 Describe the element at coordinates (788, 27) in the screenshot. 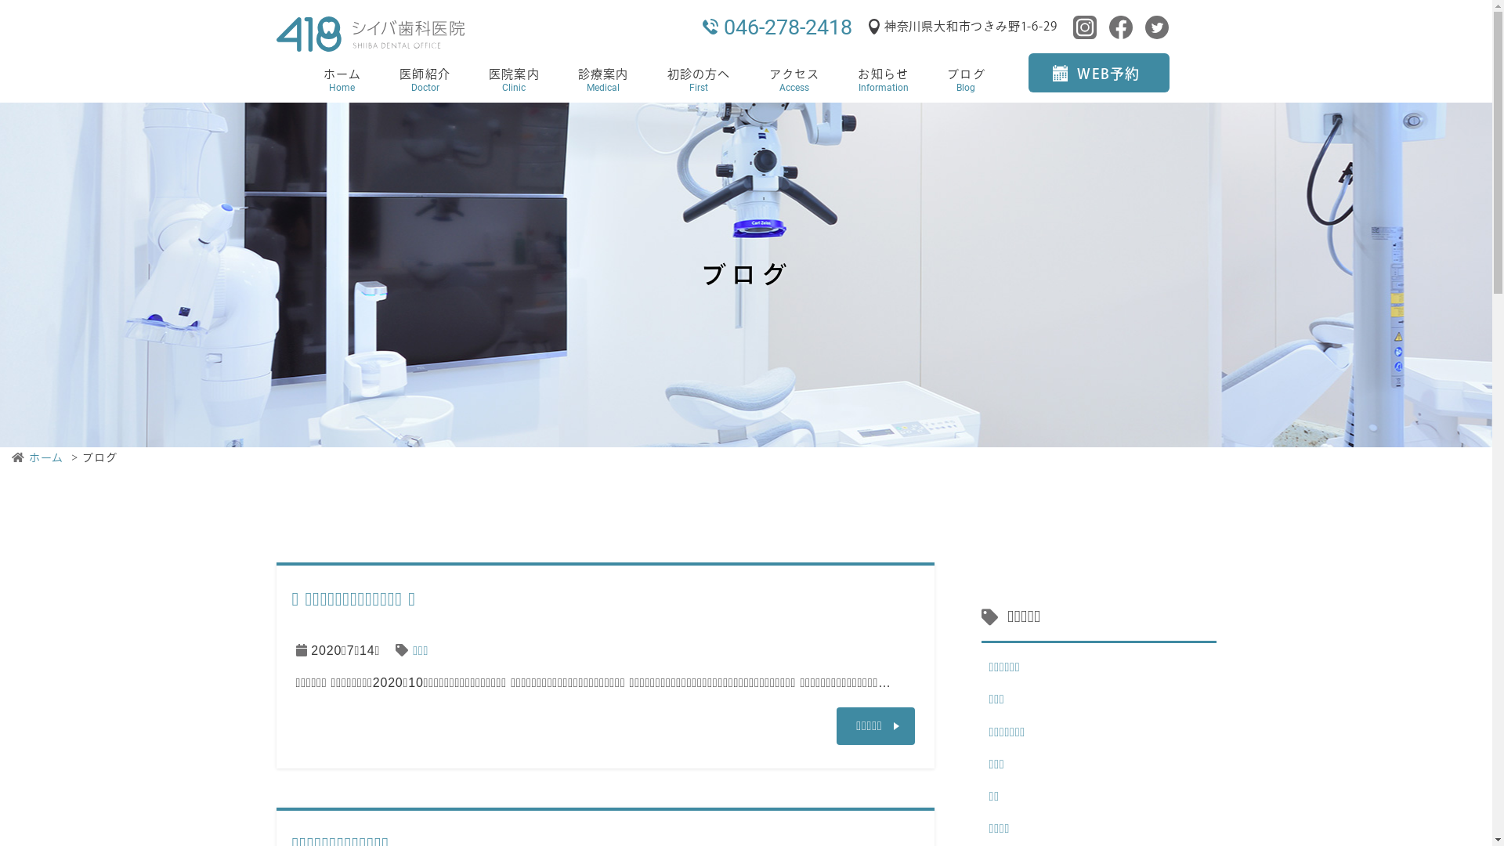

I see `'046-278-2418'` at that location.